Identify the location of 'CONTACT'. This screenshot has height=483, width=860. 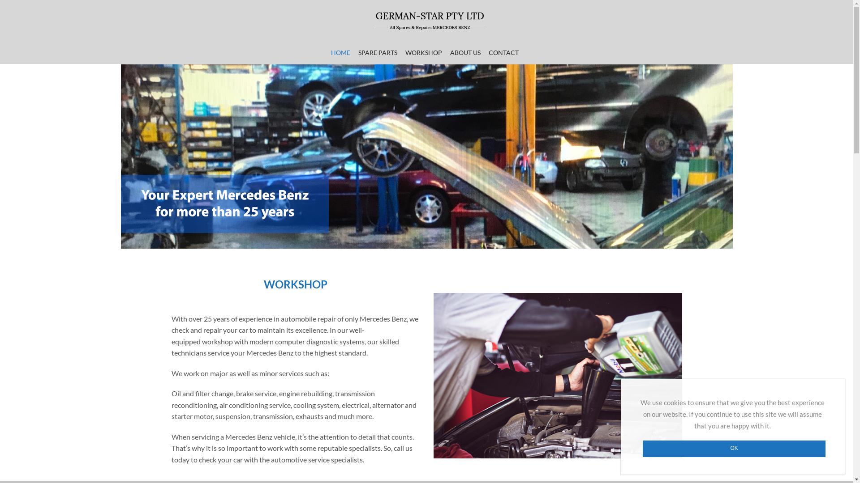
(503, 53).